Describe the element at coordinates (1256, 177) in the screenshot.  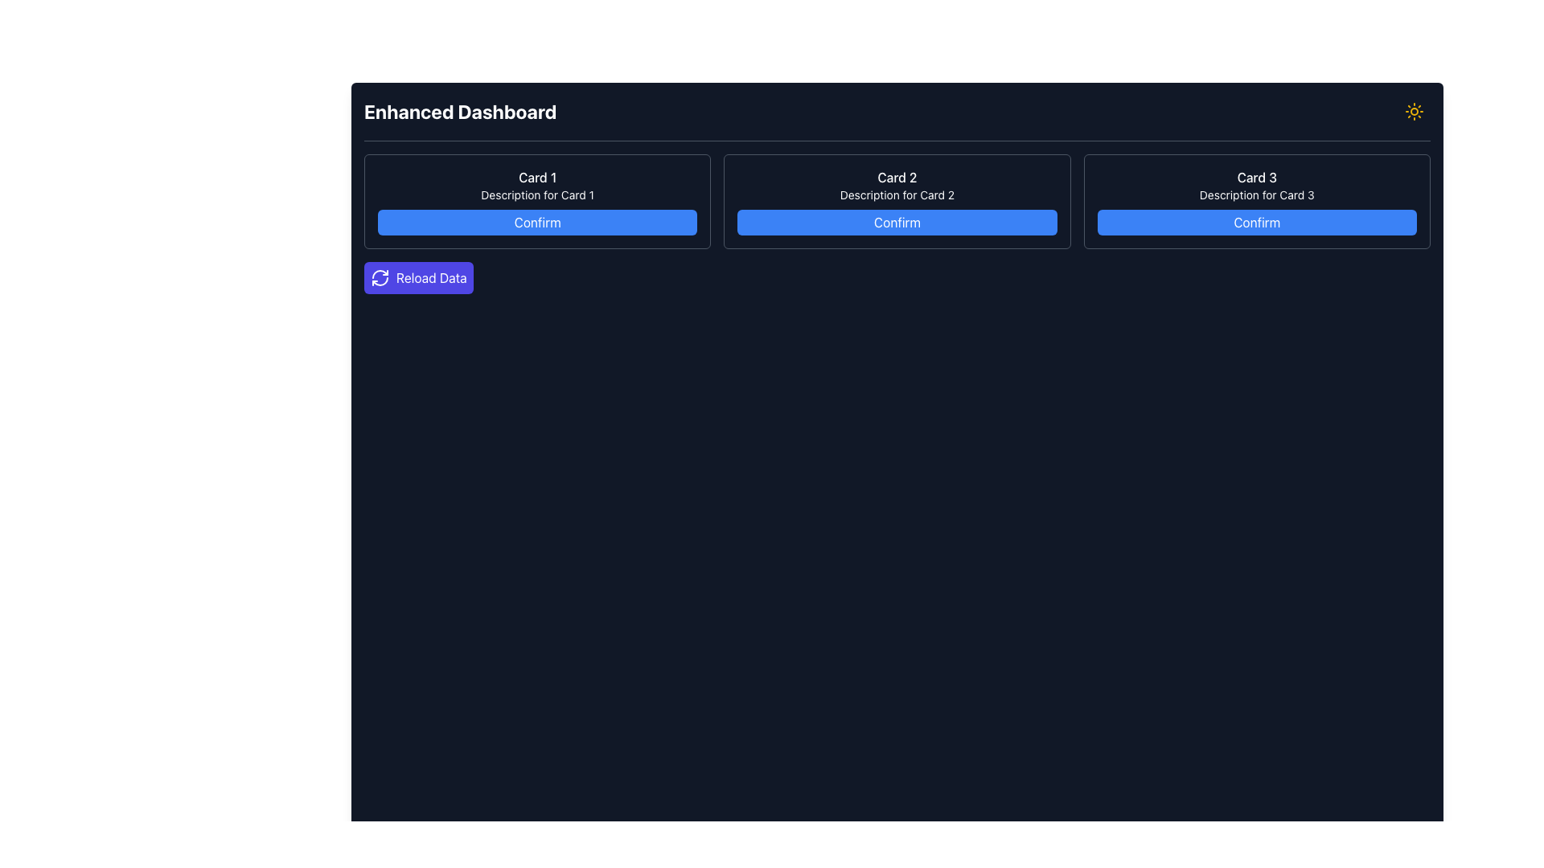
I see `the title text label of 'Card 3', which identifies the card's purpose or contents and is located at the top of the card` at that location.